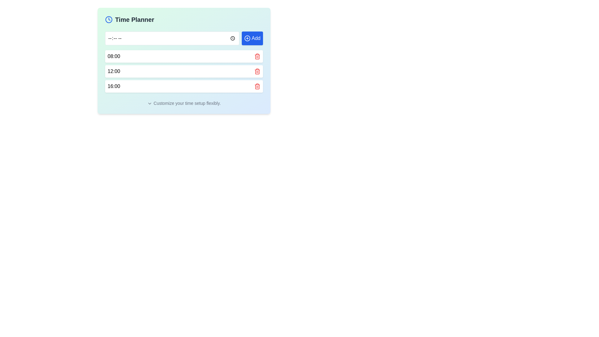 Image resolution: width=599 pixels, height=337 pixels. I want to click on the first list item of scheduled time entries in the Time Planner, so click(184, 56).